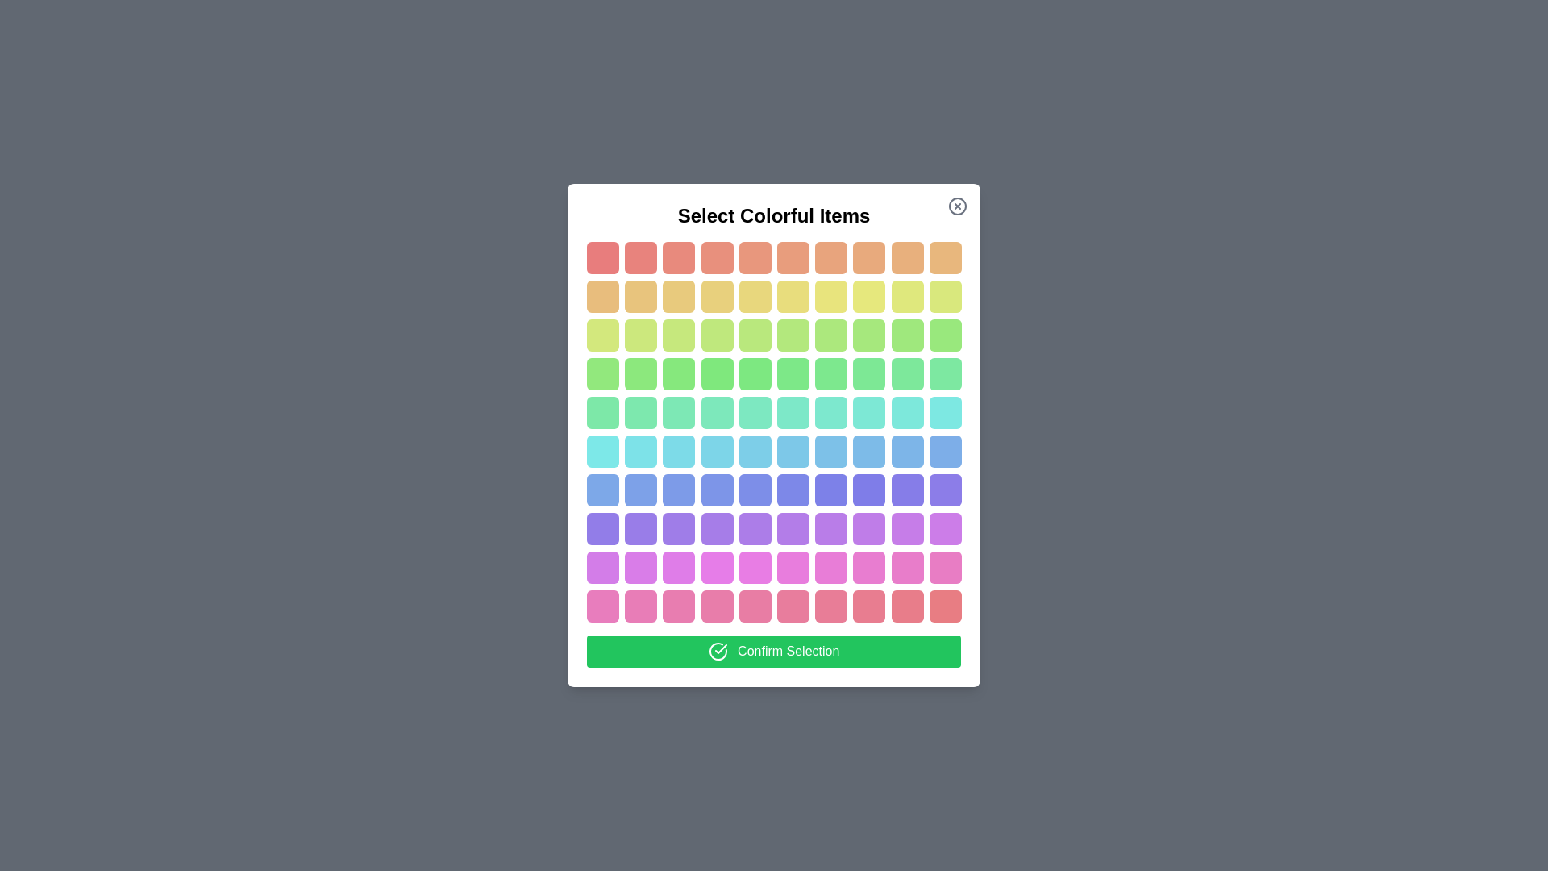 This screenshot has height=871, width=1548. Describe the element at coordinates (774, 650) in the screenshot. I see `the 'Confirm Selection' button to confirm the selected items` at that location.